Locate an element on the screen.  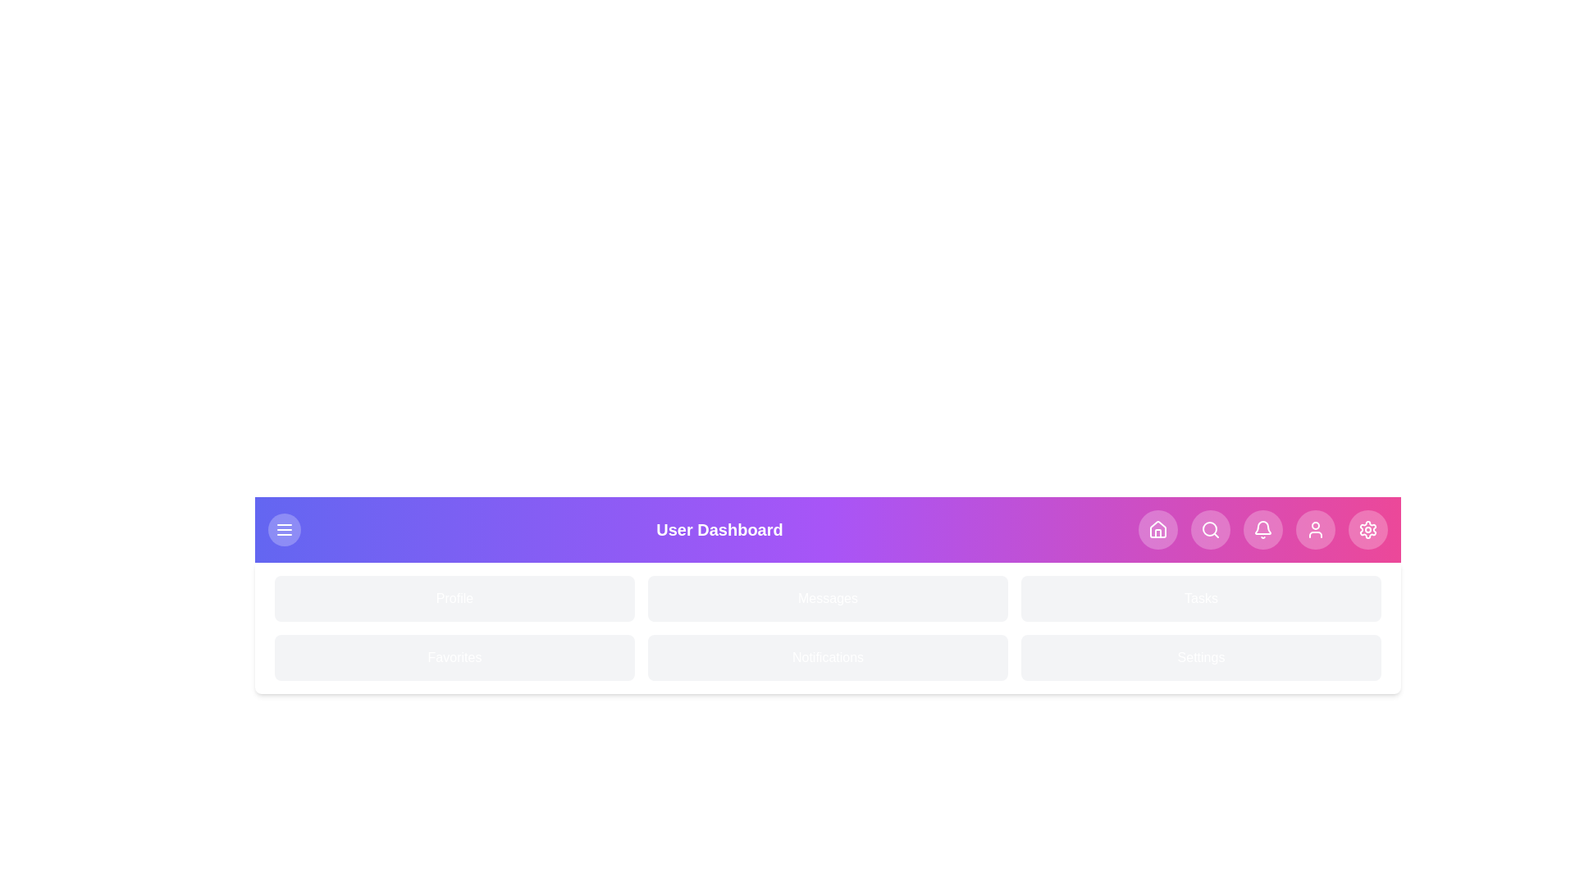
the navigation button corresponding to Home is located at coordinates (1157, 529).